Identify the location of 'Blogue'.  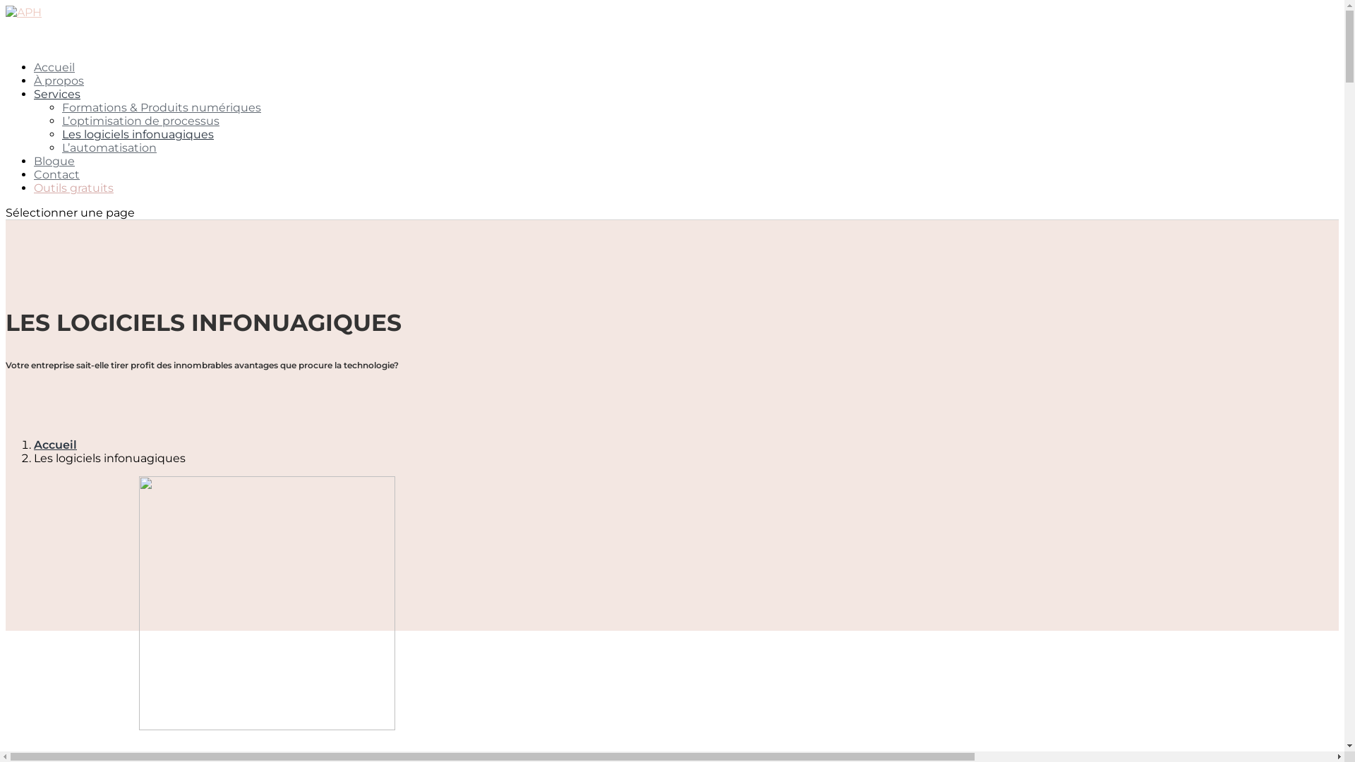
(54, 176).